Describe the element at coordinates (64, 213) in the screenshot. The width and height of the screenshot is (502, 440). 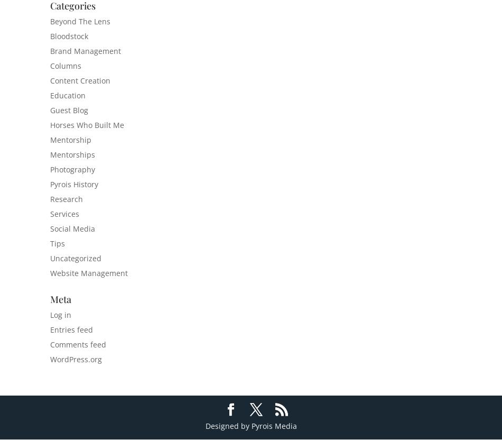
I see `'Services'` at that location.